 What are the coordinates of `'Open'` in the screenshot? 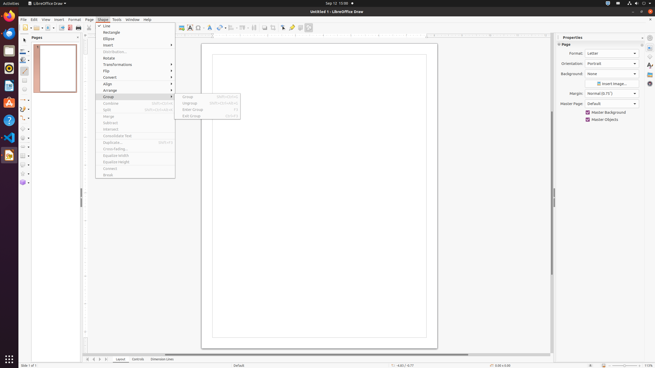 It's located at (38, 27).